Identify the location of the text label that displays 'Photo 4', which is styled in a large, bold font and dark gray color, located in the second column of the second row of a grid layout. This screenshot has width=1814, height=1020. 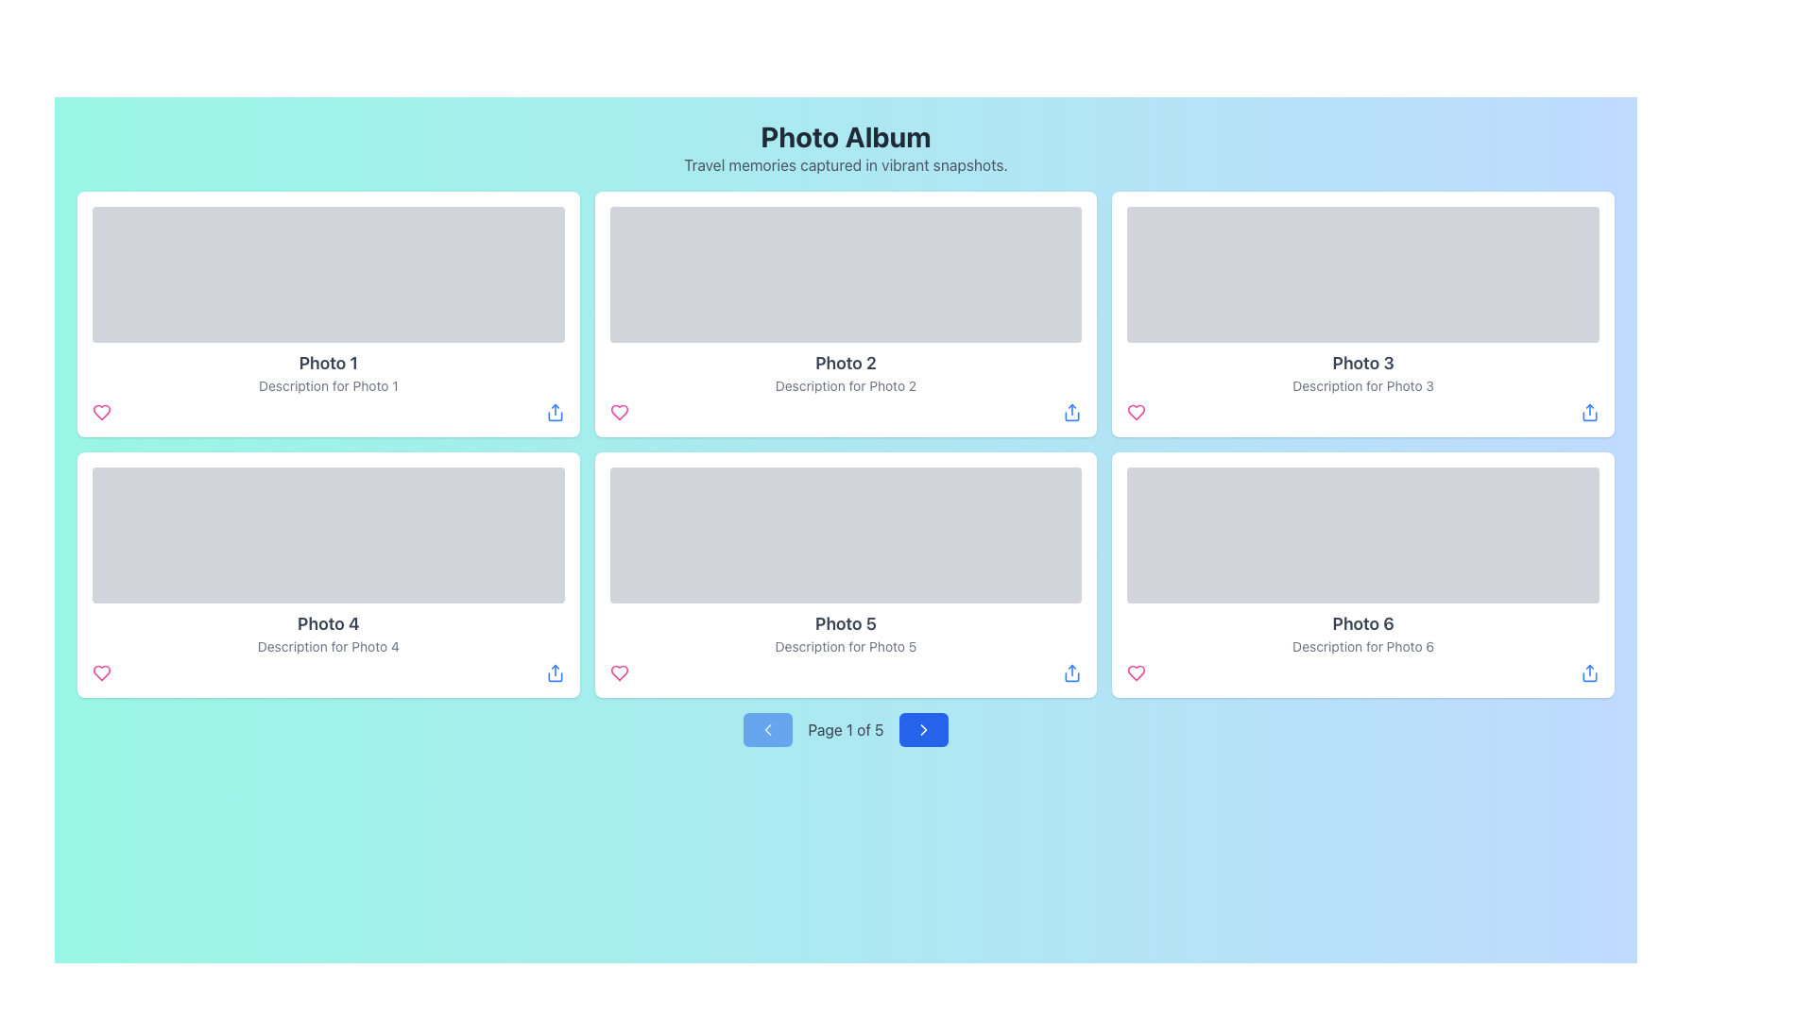
(328, 623).